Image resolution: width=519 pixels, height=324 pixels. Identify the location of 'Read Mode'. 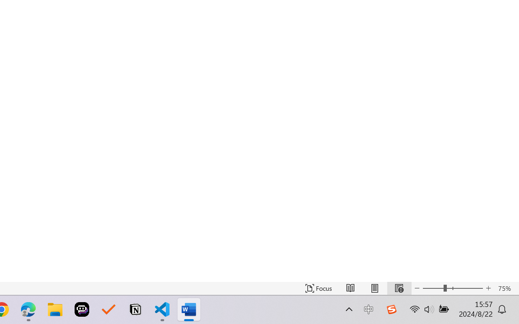
(350, 288).